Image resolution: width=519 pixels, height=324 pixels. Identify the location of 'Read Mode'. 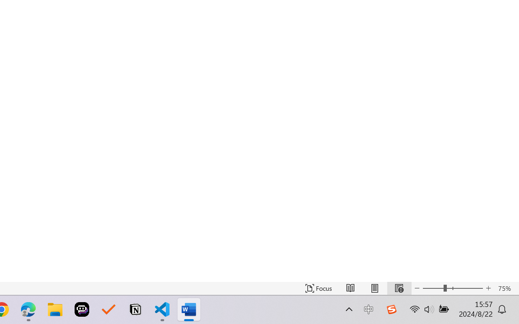
(350, 288).